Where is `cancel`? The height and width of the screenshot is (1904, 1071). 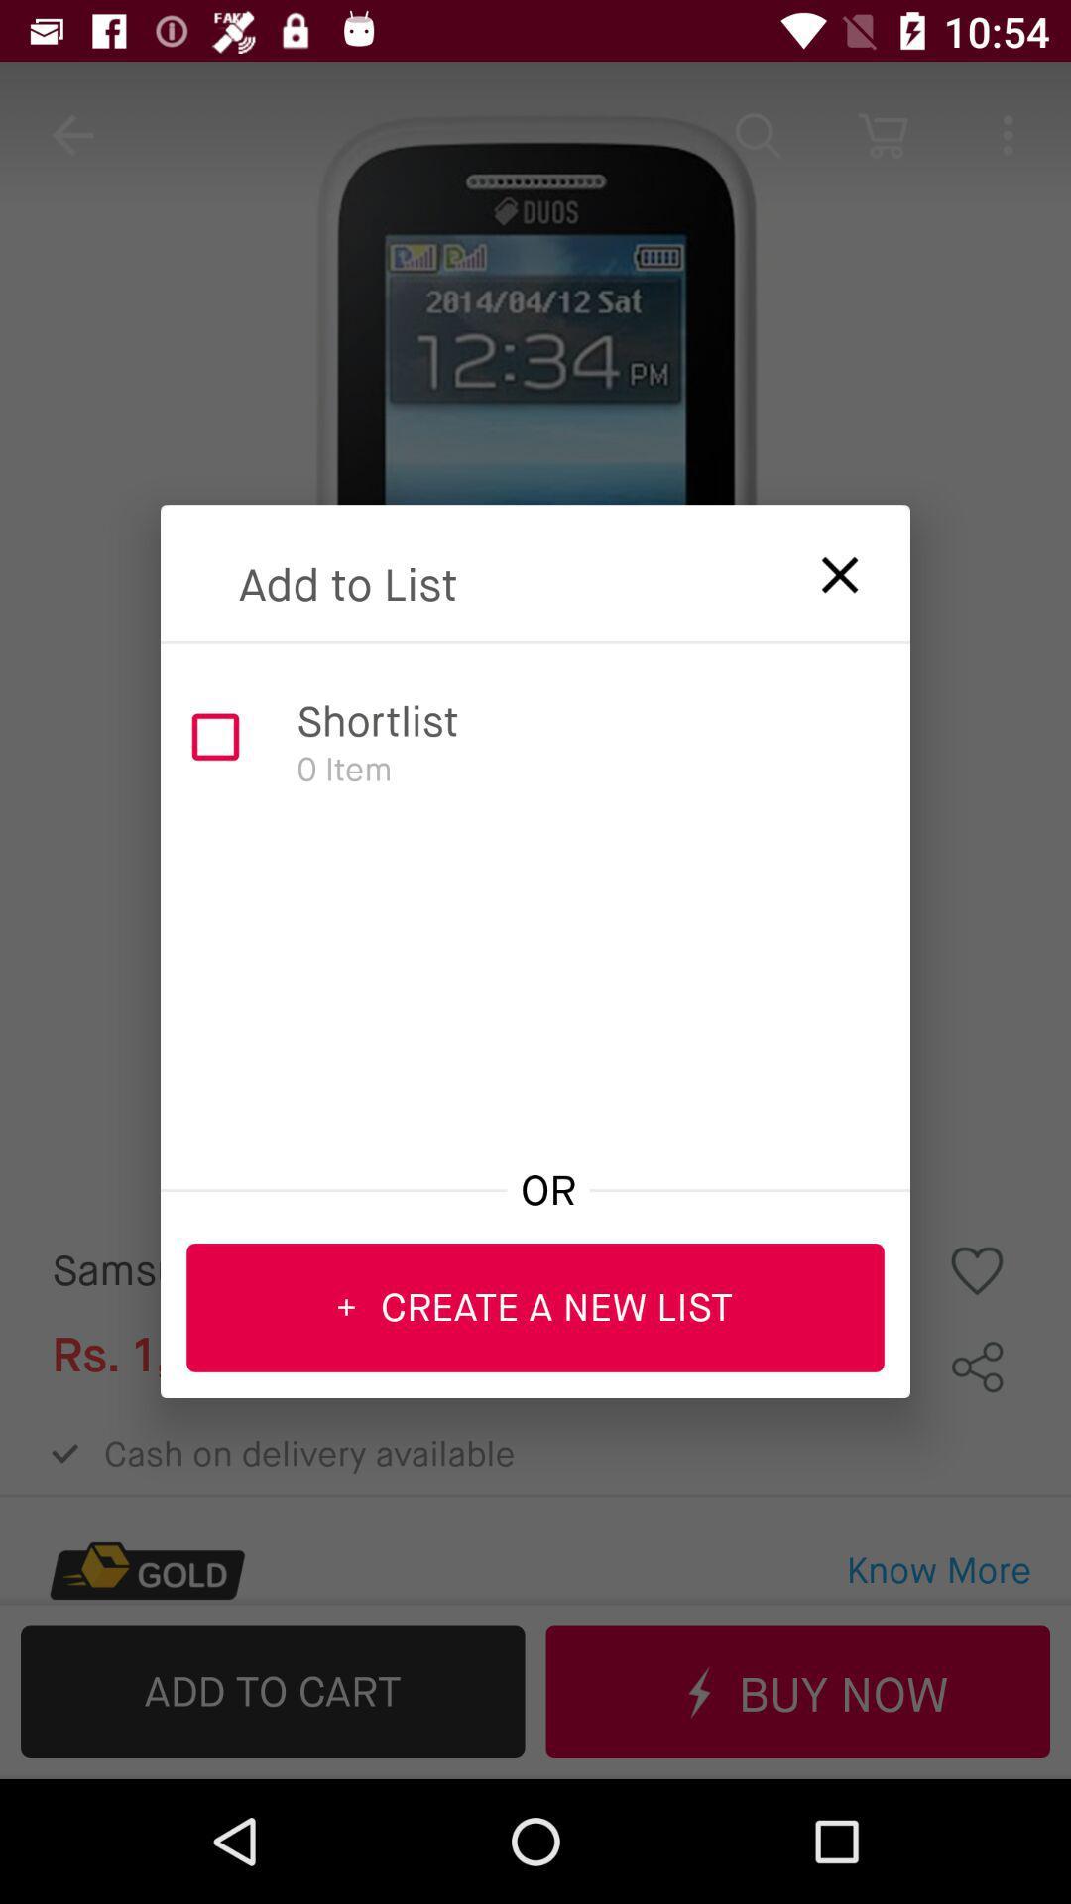 cancel is located at coordinates (826, 567).